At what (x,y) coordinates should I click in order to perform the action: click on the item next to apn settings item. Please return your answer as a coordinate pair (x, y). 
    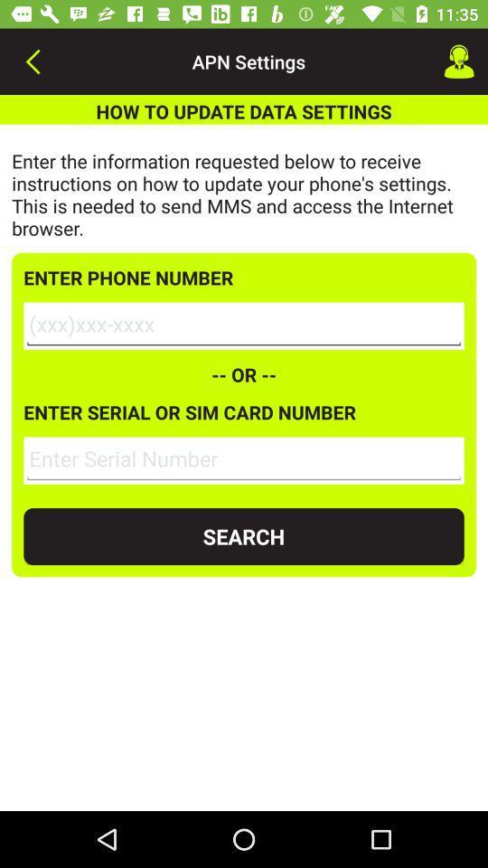
    Looking at the image, I should click on (459, 61).